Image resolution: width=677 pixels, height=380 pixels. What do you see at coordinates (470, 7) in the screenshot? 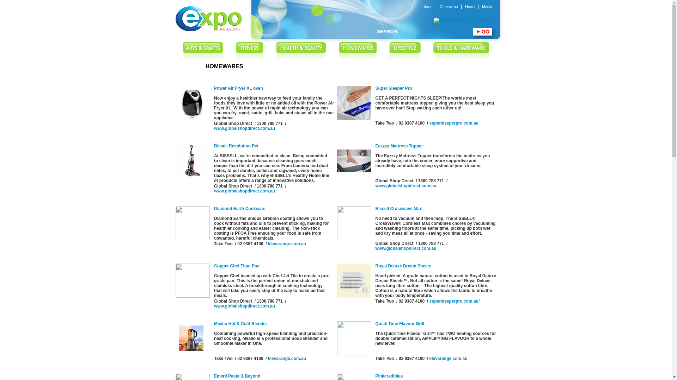
I see `'News'` at bounding box center [470, 7].